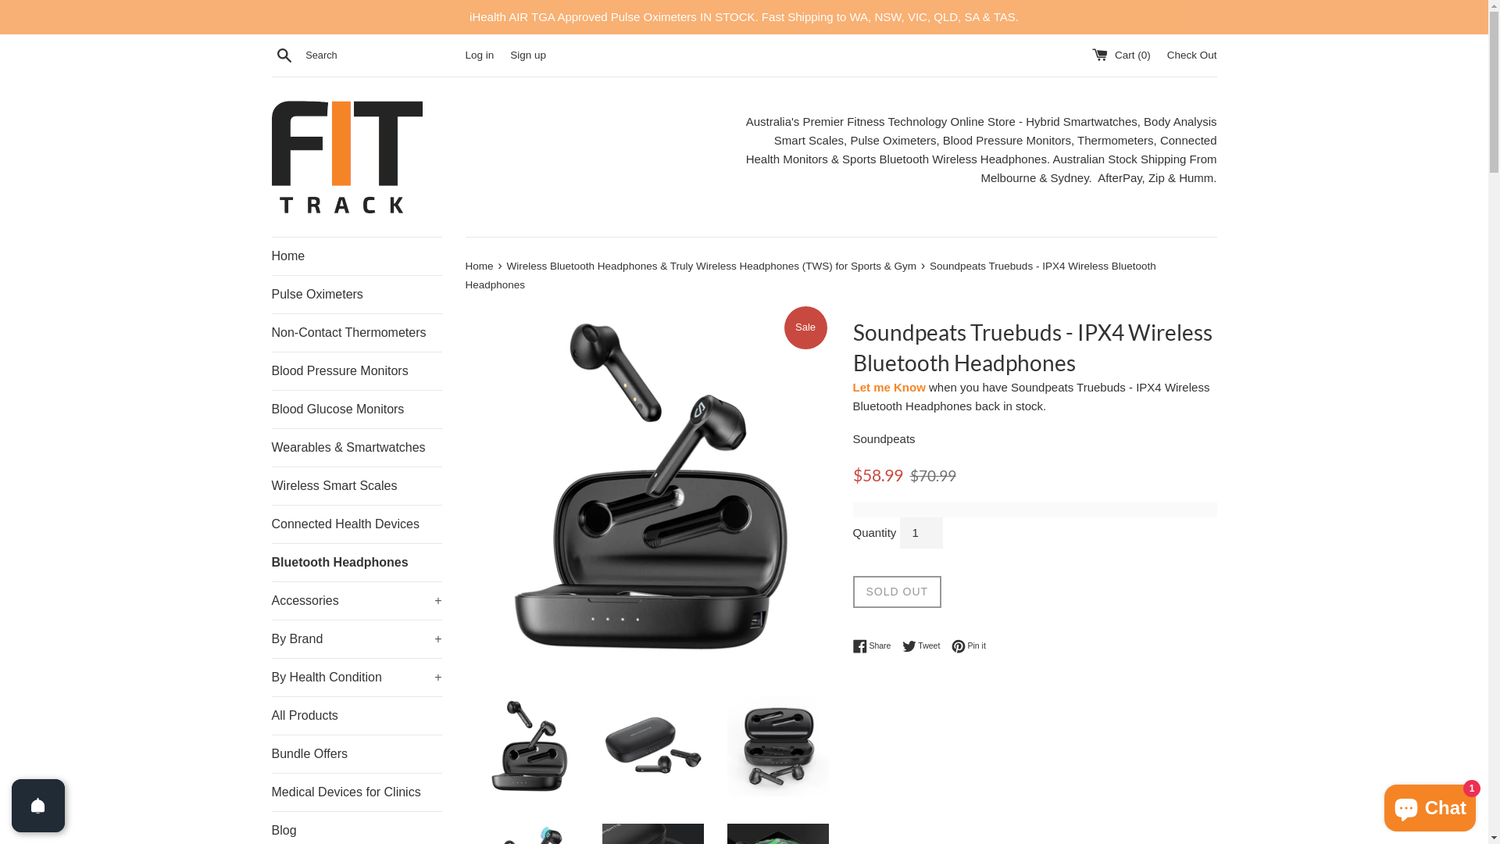 This screenshot has height=844, width=1500. I want to click on 'Log in', so click(479, 54).